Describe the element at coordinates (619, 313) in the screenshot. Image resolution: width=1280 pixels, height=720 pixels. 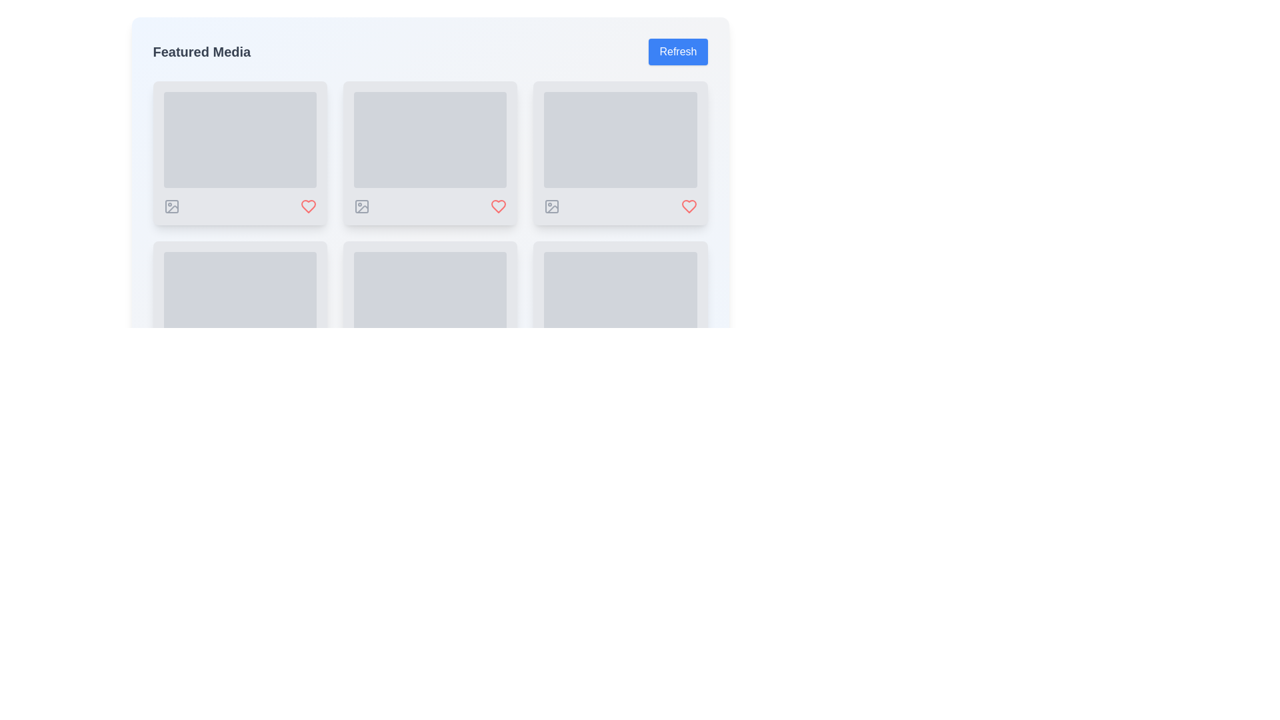
I see `details of the ninth card in the grid located in the third column of the fourth row by clicking on it` at that location.